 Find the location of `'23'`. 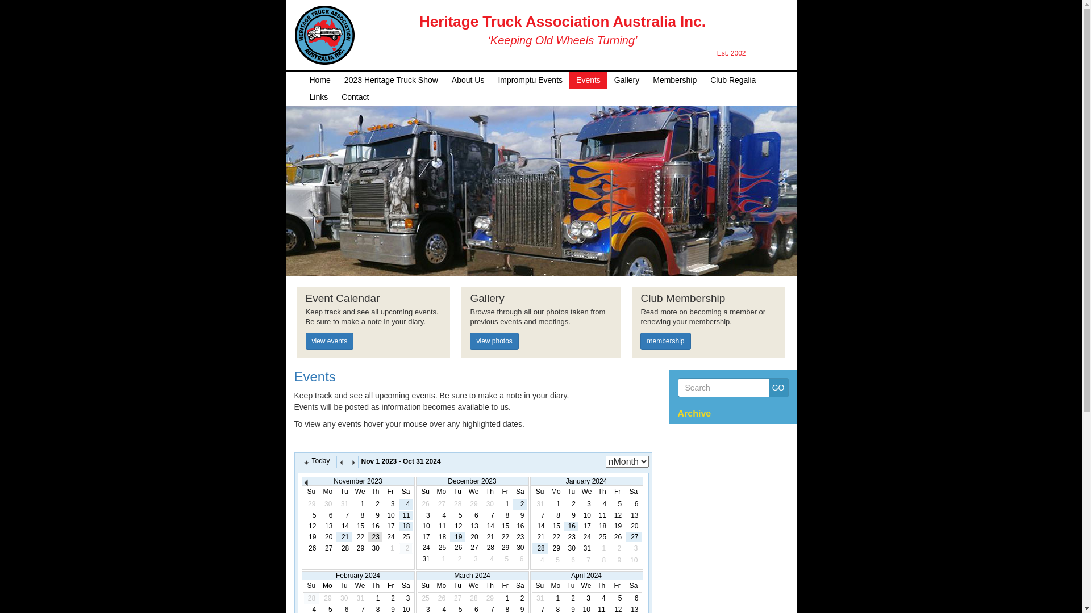

'23' is located at coordinates (375, 536).